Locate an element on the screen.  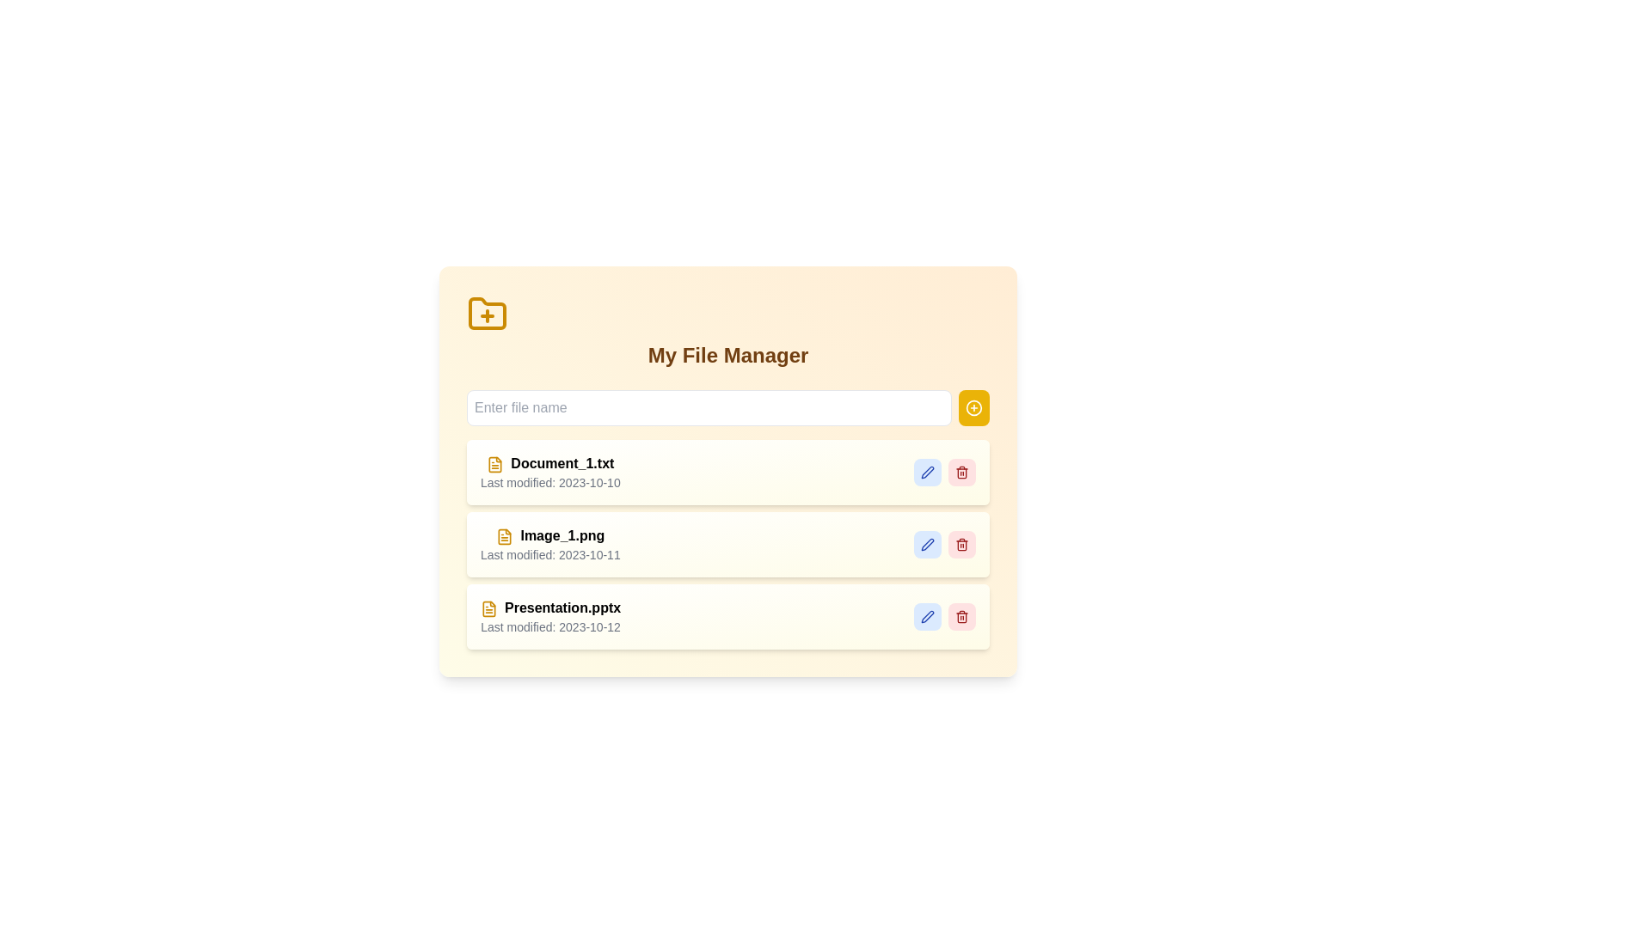
the file item representation for 'Image_1.png' is located at coordinates (549, 544).